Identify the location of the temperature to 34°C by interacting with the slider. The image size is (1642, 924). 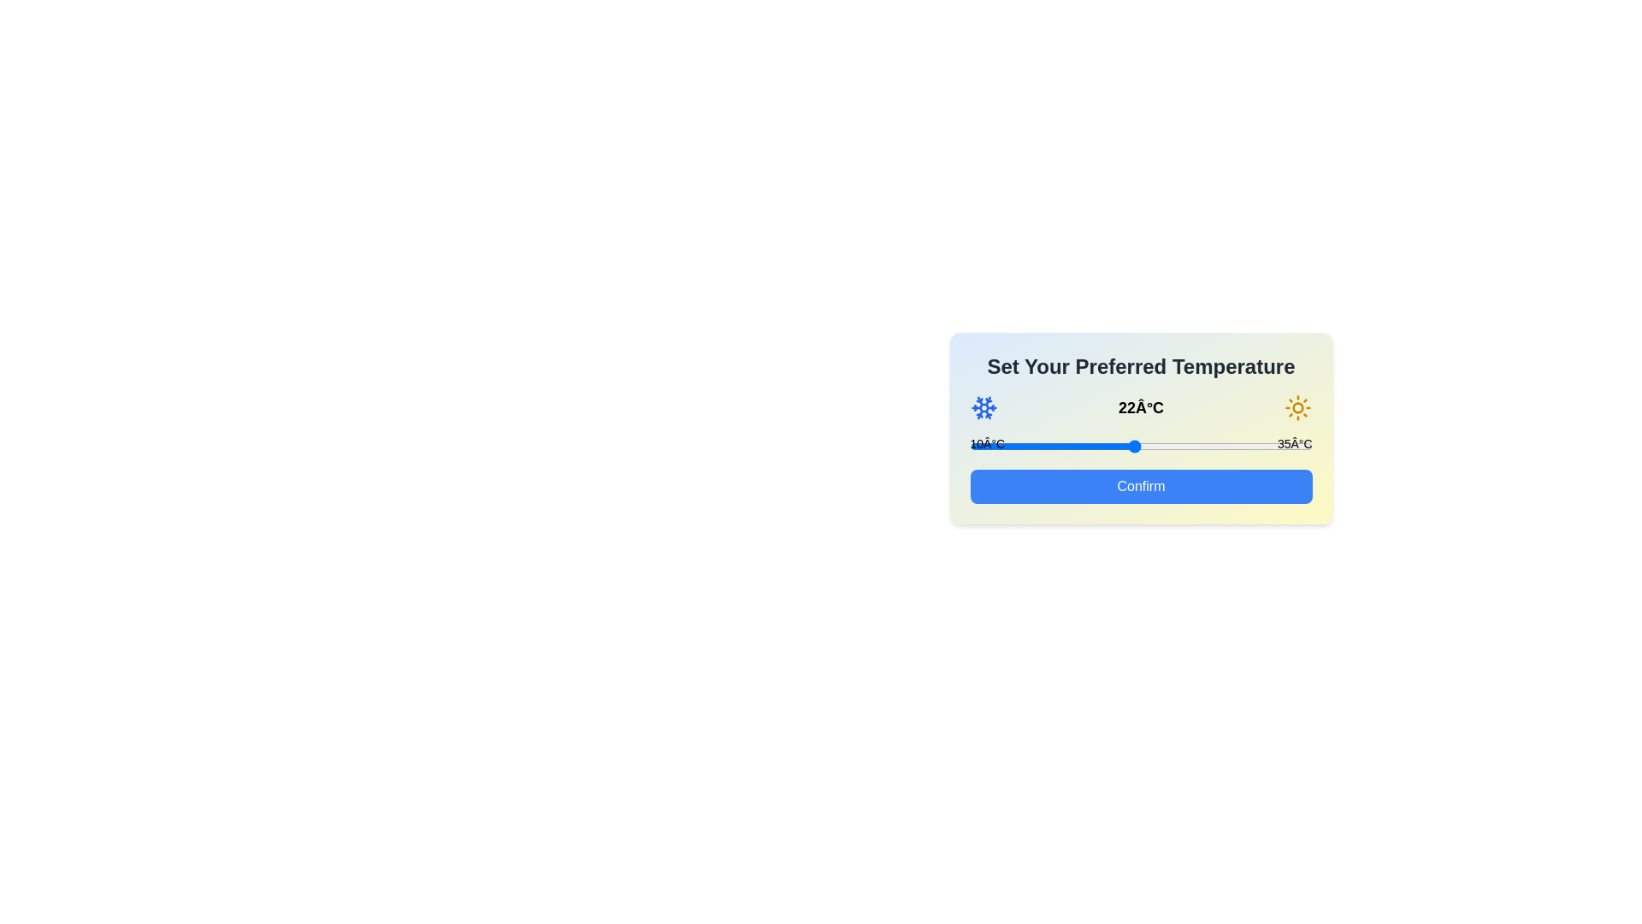
(1298, 445).